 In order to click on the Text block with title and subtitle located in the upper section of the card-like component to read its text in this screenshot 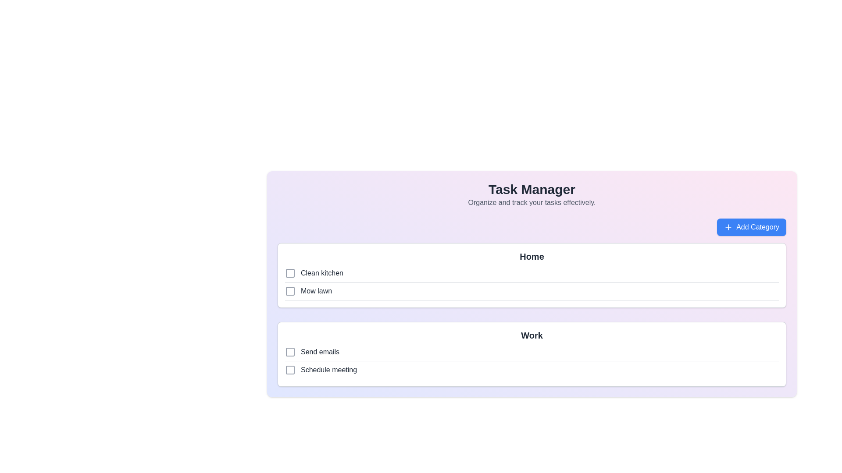, I will do `click(532, 194)`.